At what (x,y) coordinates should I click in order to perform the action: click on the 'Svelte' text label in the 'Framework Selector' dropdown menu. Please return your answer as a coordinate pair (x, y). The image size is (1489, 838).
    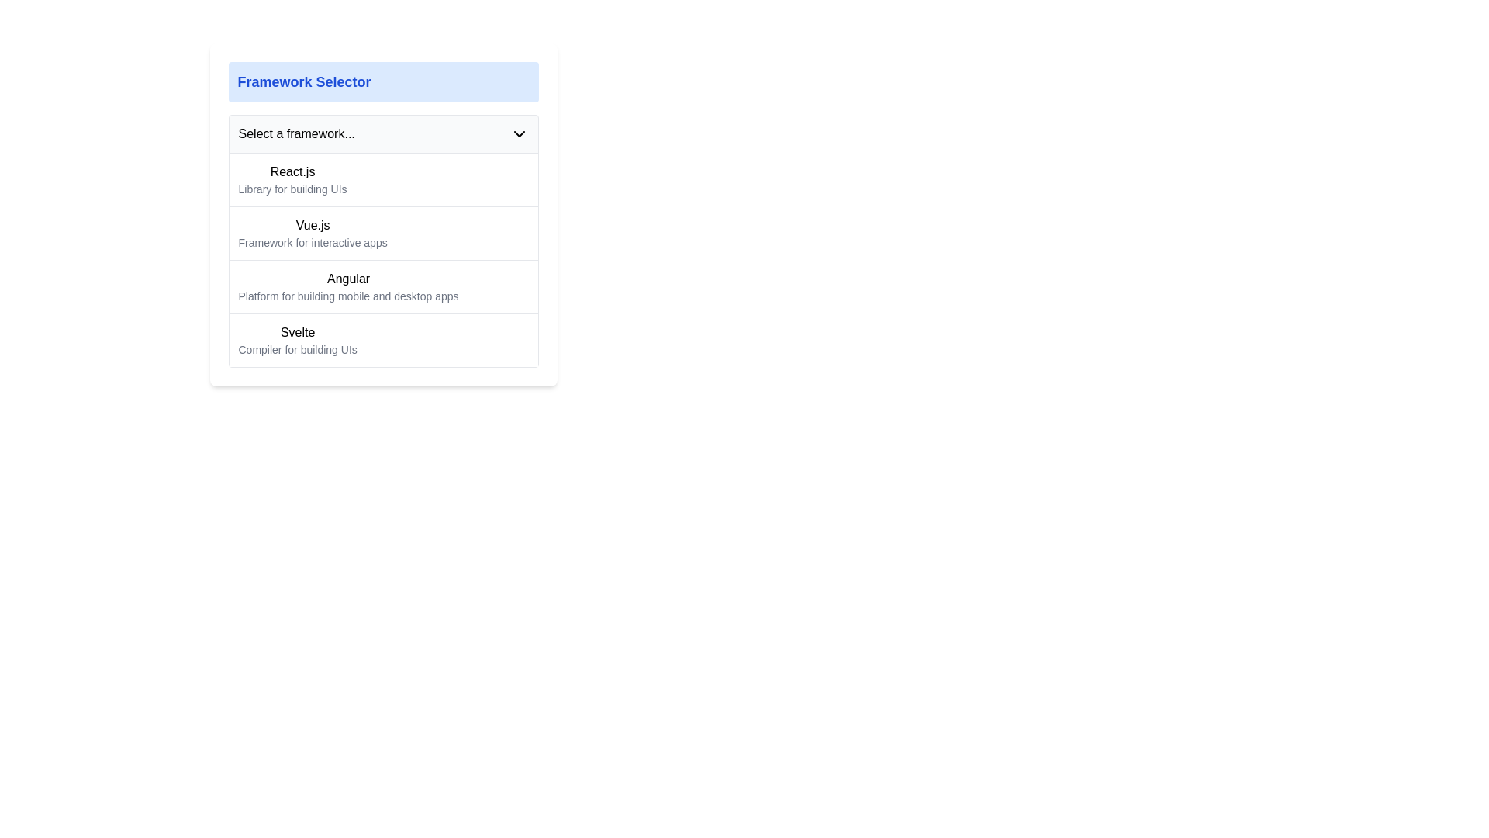
    Looking at the image, I should click on (298, 331).